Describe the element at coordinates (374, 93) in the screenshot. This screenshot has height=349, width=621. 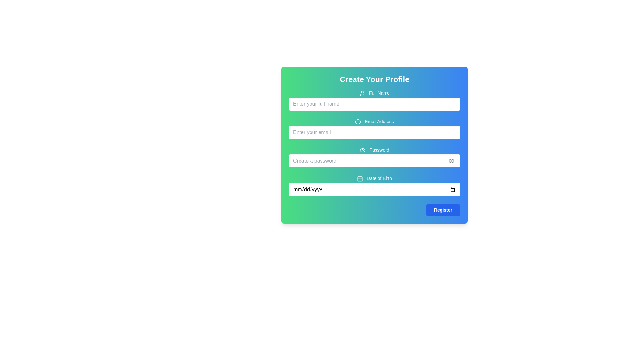
I see `the descriptive label for the input field guiding the user to enter their full name, which is located near the top of the form` at that location.